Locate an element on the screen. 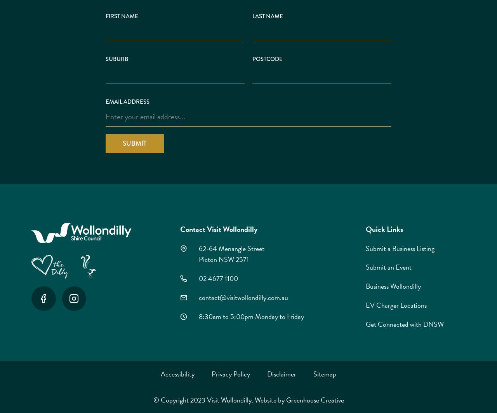 The width and height of the screenshot is (497, 413). '© Copyright 2023 Visit Wollondilly.  Website by' is located at coordinates (219, 399).